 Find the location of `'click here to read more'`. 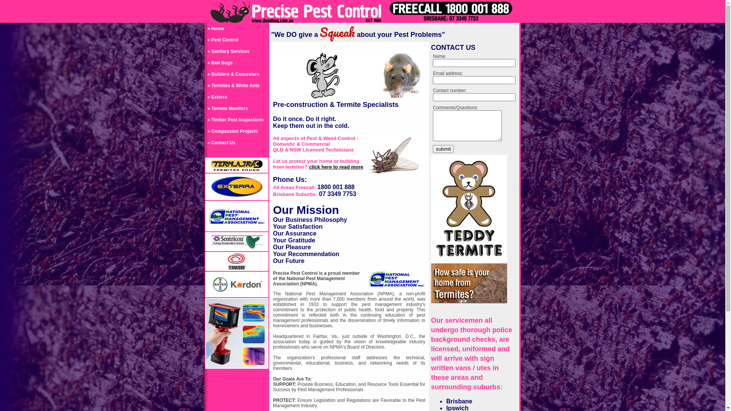

'click here to read more' is located at coordinates (336, 166).